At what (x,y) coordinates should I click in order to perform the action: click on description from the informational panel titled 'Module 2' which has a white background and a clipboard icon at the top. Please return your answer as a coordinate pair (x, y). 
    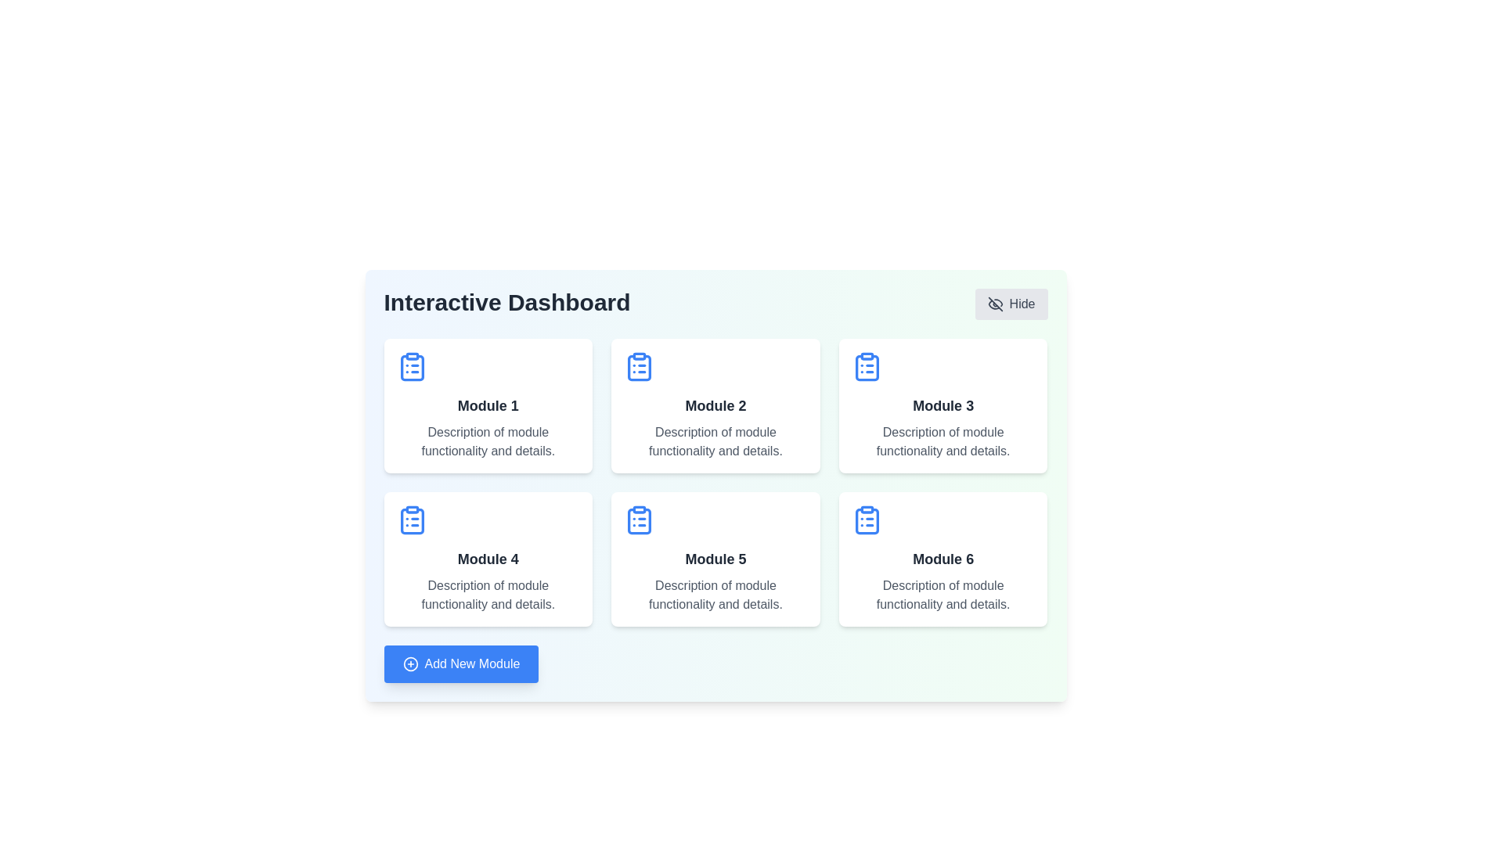
    Looking at the image, I should click on (715, 405).